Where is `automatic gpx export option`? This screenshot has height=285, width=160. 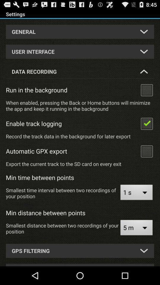 automatic gpx export option is located at coordinates (146, 151).